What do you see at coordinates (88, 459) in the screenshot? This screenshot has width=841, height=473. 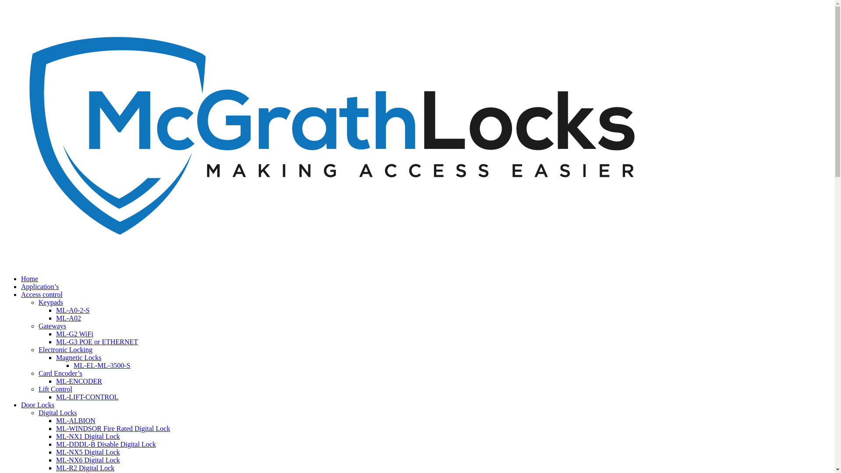 I see `'ML-NX6 Digital Lock'` at bounding box center [88, 459].